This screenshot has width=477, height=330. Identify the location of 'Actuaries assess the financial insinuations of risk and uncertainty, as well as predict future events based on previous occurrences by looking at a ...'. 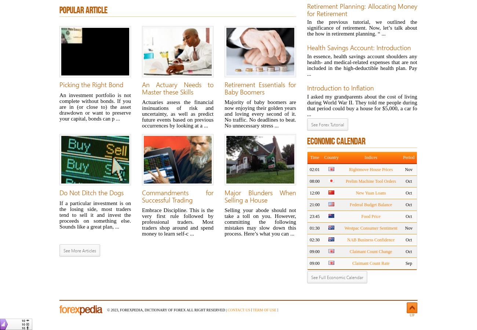
(177, 114).